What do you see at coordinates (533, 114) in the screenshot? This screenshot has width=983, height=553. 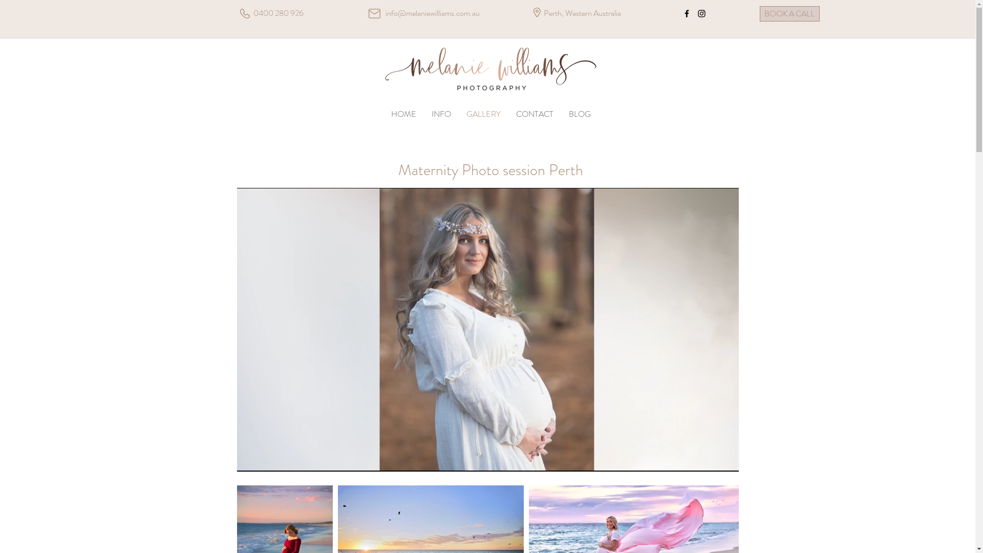 I see `'CONTACT'` at bounding box center [533, 114].